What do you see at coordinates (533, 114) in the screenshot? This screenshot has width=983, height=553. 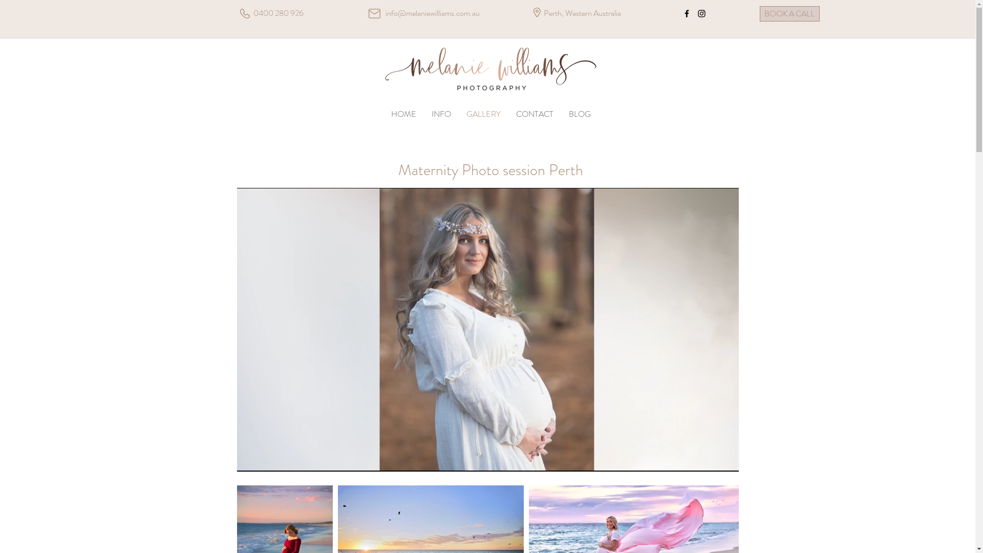 I see `'CONTACT'` at bounding box center [533, 114].